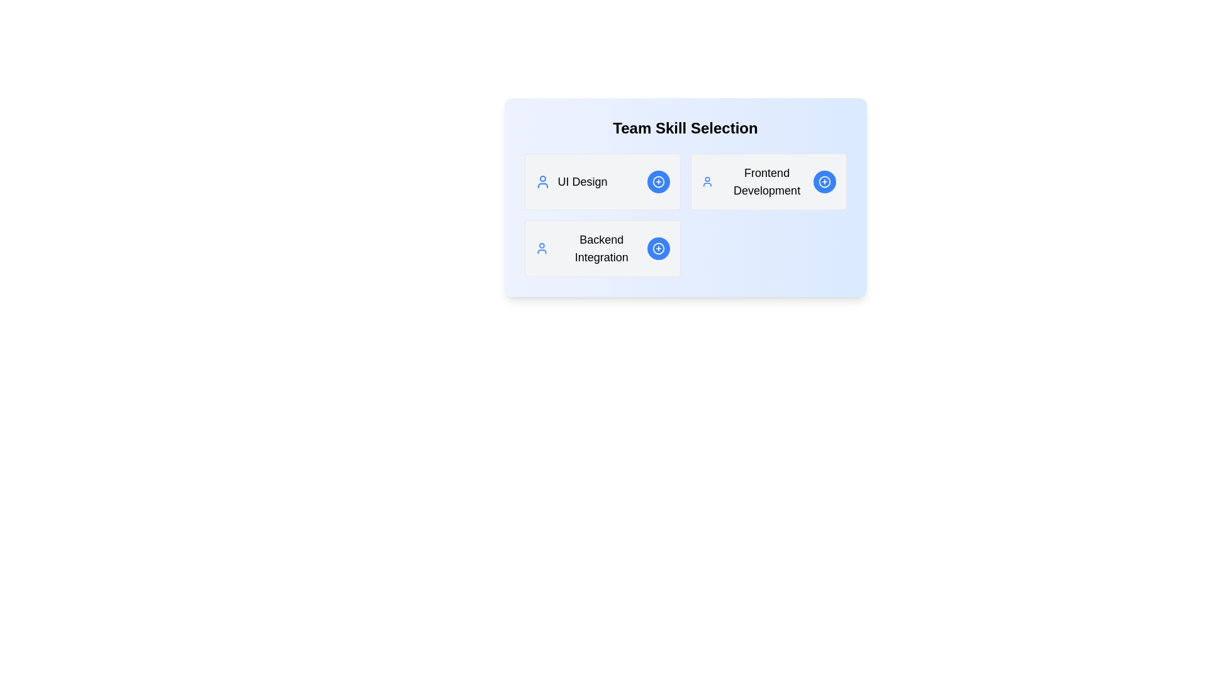  Describe the element at coordinates (601, 182) in the screenshot. I see `the details of the skill UI Design` at that location.